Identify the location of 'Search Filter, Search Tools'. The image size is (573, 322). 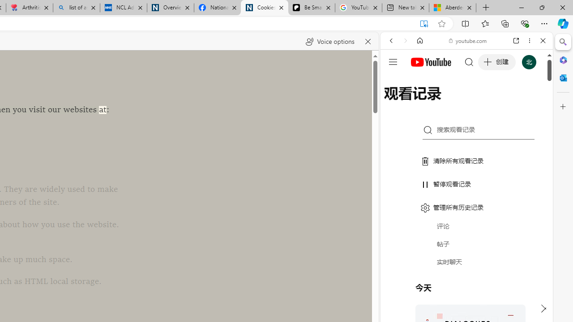
(489, 102).